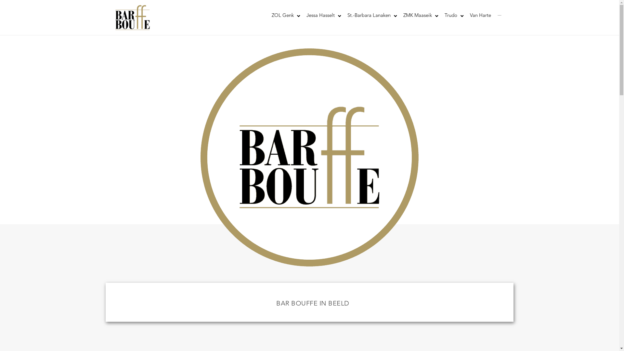 The image size is (624, 351). I want to click on 'ZMK Maaseik', so click(420, 16).